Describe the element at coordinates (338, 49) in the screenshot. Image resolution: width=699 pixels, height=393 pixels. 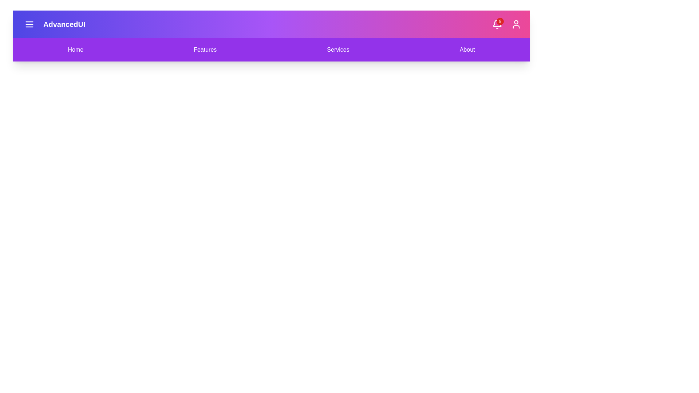
I see `the Services navigation menu item` at that location.